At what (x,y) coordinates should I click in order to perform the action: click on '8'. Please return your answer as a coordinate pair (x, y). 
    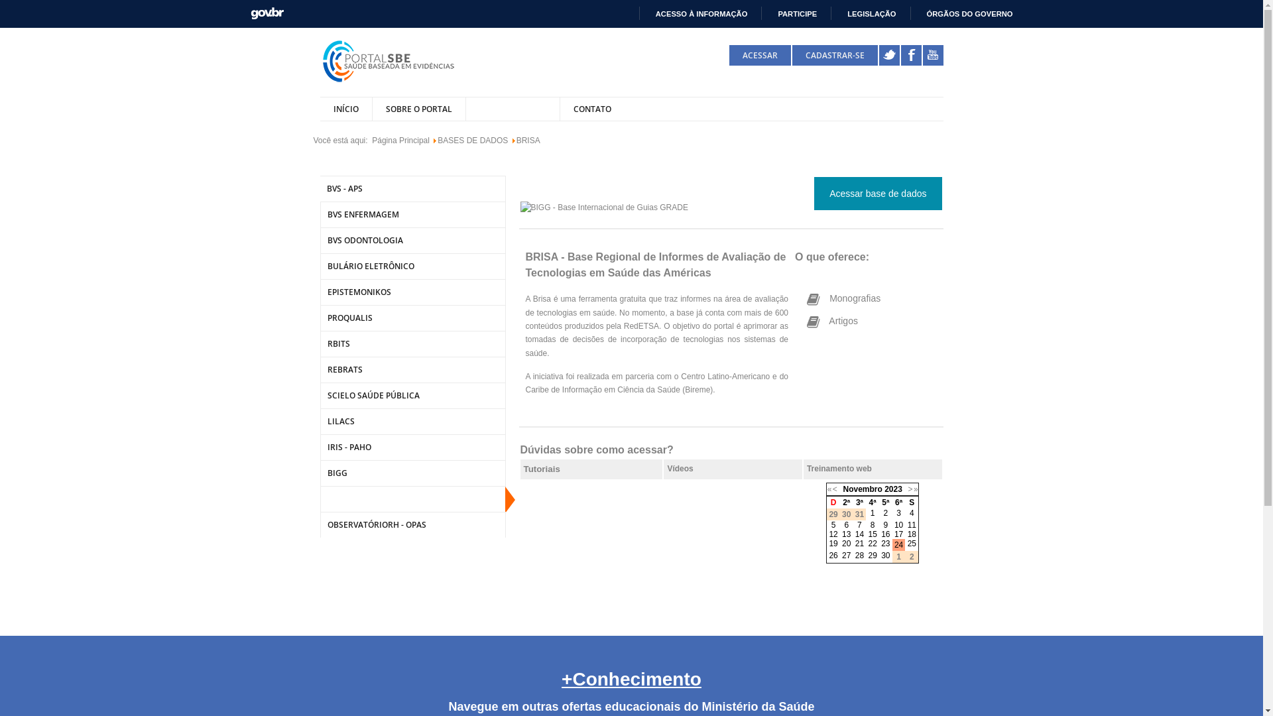
    Looking at the image, I should click on (873, 524).